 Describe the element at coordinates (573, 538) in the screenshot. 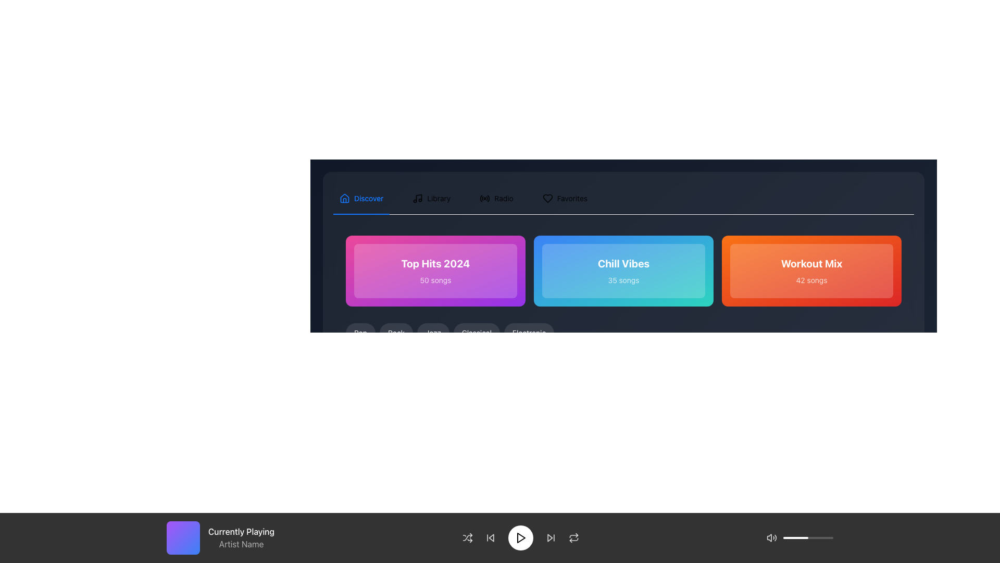

I see `the button with an icon depicting two arrows forming a loop located at the bottom-right corner of the interface in the horizontal toolbar` at that location.